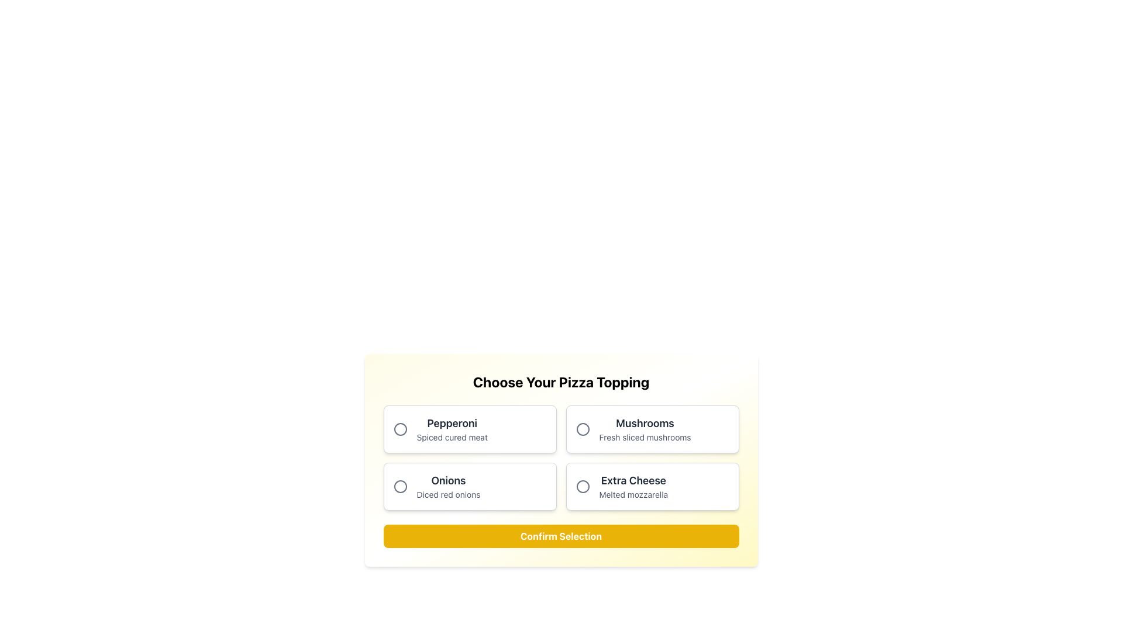 The height and width of the screenshot is (631, 1123). I want to click on the 'Pepperoni' text label that describes the topping option in the top-left corner of the selectable grid layout, so click(452, 429).